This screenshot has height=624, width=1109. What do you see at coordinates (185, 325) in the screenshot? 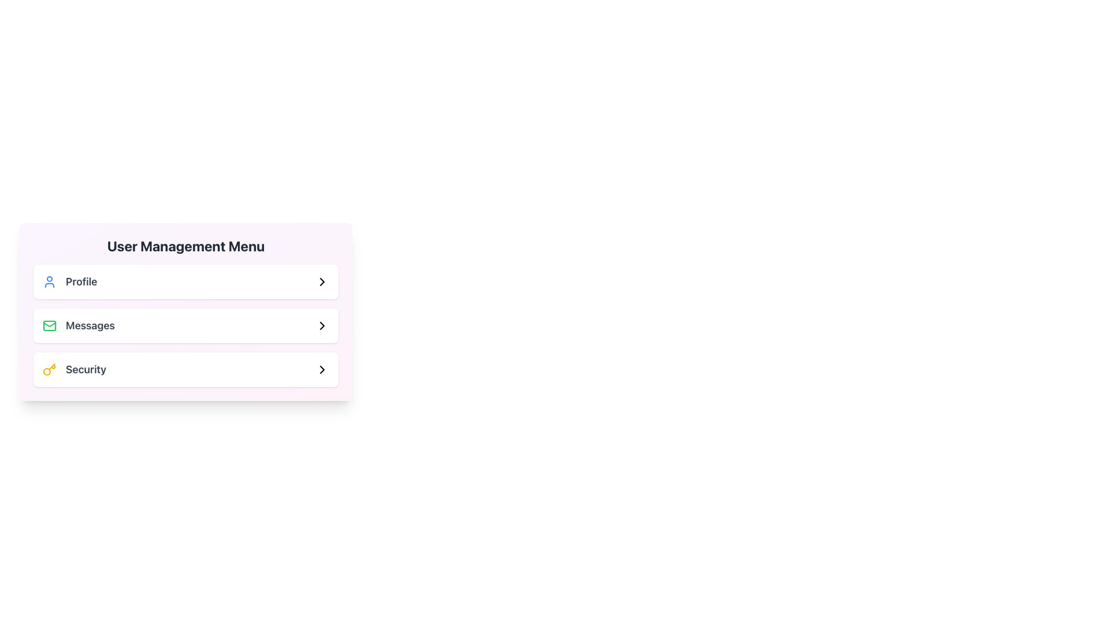
I see `the 'Messages' menu item in the User Management Menu` at bounding box center [185, 325].